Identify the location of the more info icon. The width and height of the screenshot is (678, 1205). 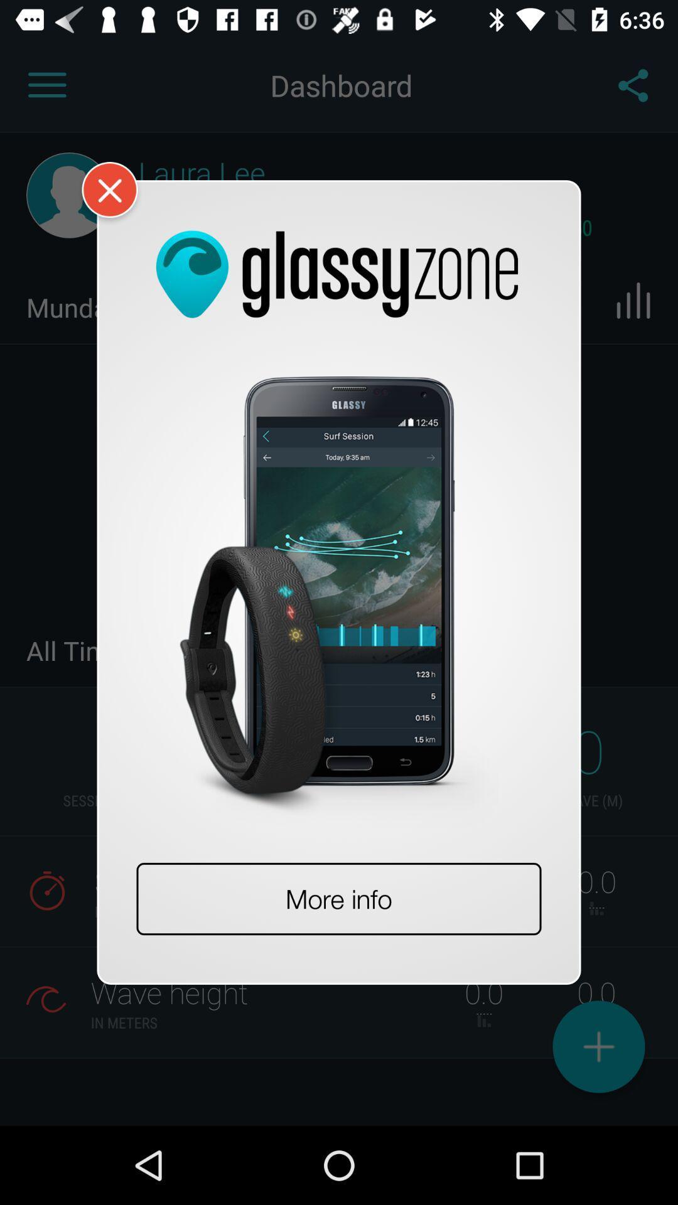
(339, 898).